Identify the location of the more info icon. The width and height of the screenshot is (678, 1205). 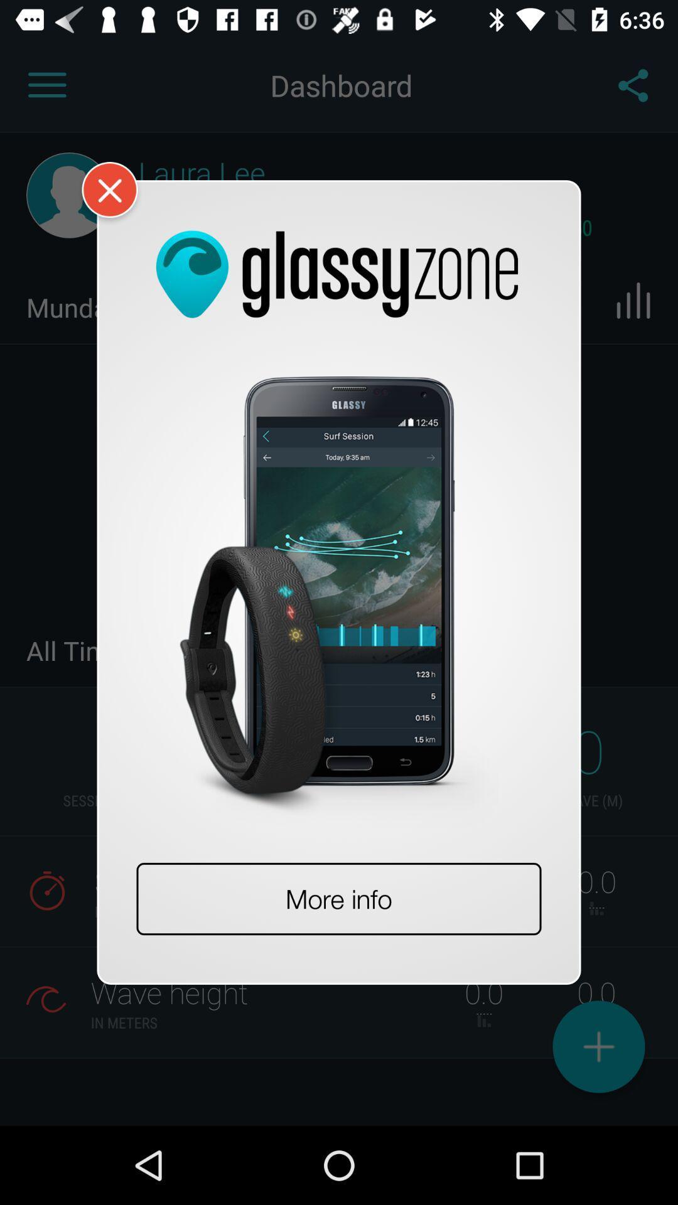
(339, 898).